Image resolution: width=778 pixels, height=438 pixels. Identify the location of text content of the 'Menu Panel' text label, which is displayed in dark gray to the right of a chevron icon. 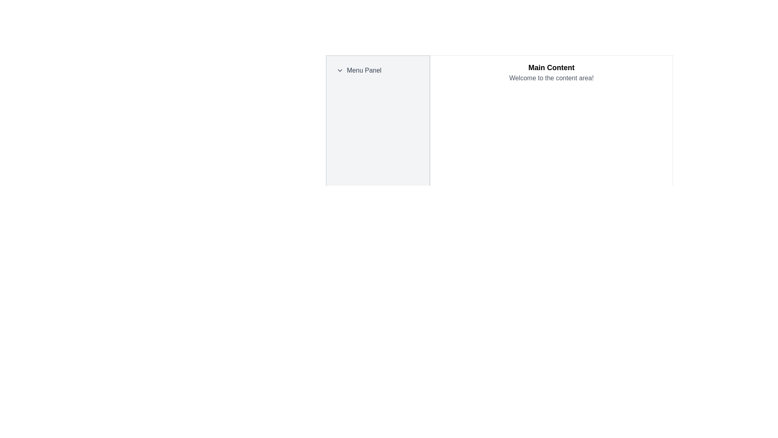
(363, 70).